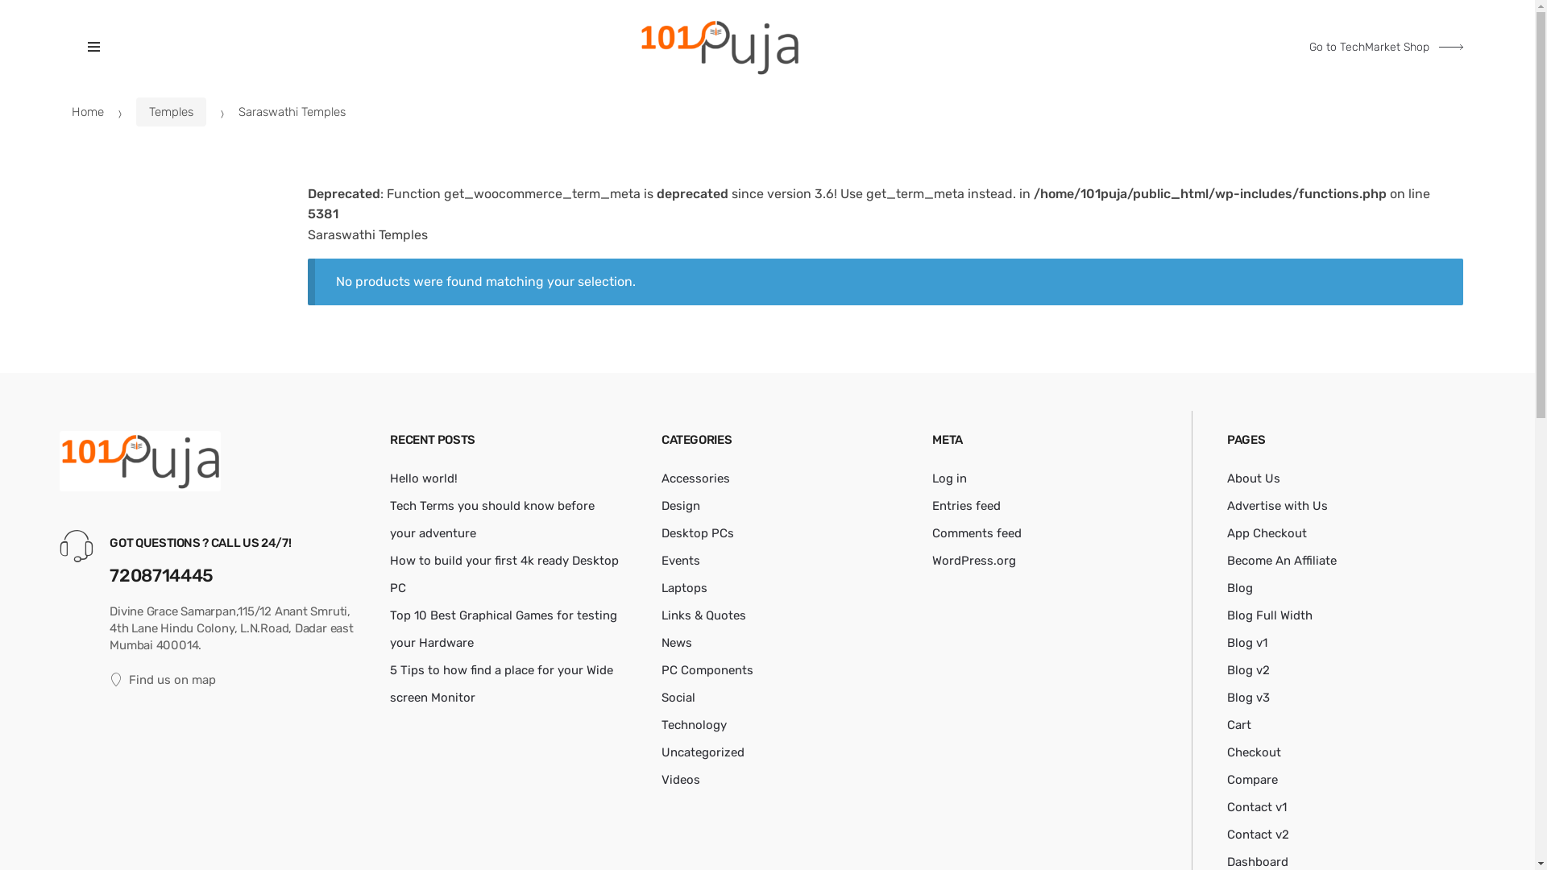 Image resolution: width=1547 pixels, height=870 pixels. I want to click on 'Hello world!', so click(390, 478).